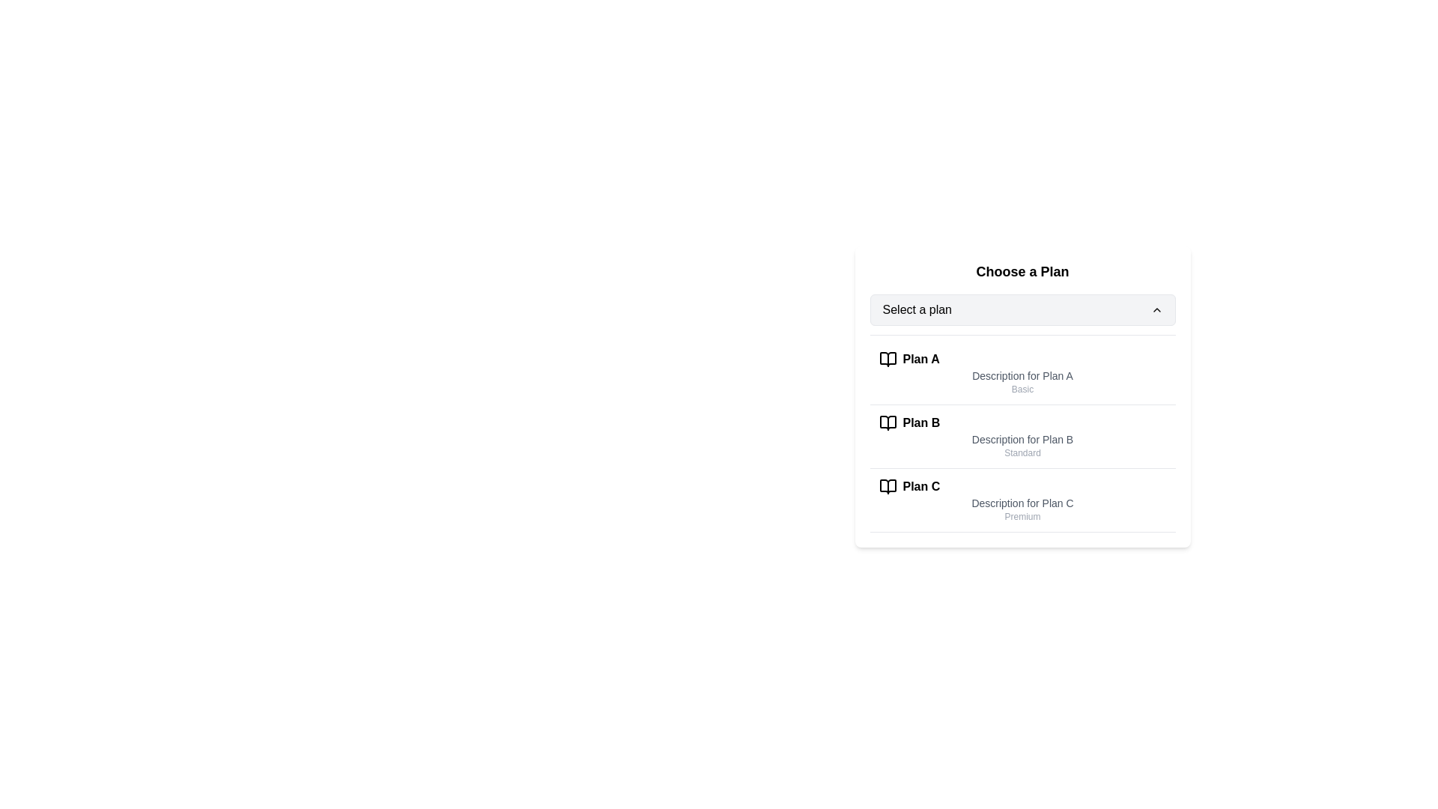  What do you see at coordinates (888, 487) in the screenshot?
I see `the decorative icon representing 'Plan C', which is located in the third row of options and is positioned to the left of the 'Plan C' text` at bounding box center [888, 487].